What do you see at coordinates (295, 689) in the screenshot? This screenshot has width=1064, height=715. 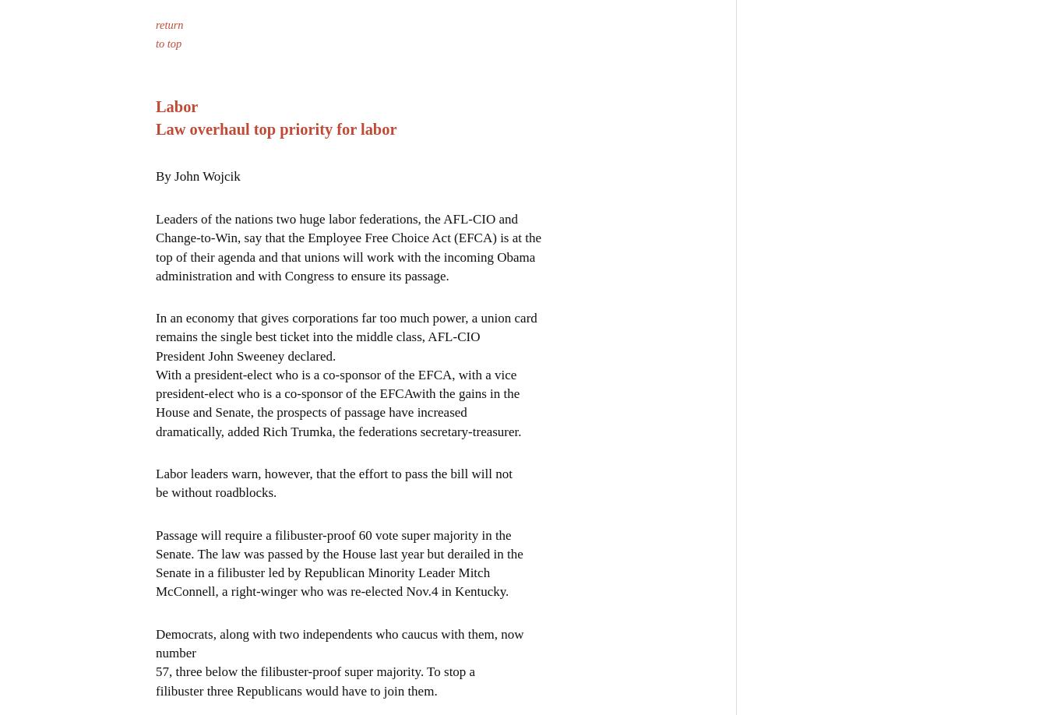 I see `'filibuster three Republicans would have to join them.'` at bounding box center [295, 689].